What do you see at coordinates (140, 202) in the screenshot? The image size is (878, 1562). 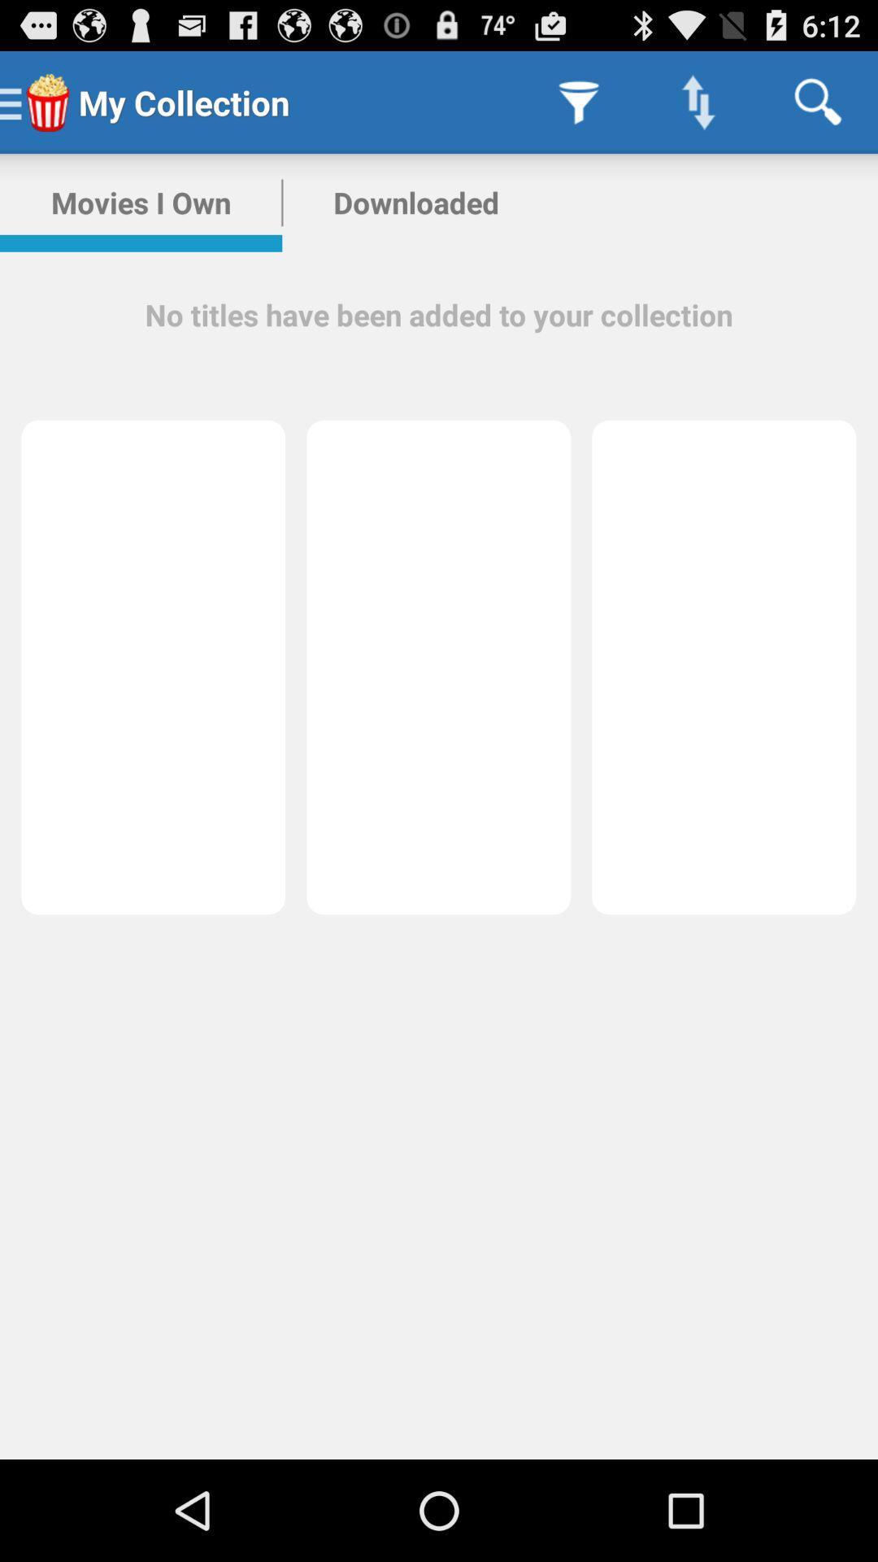 I see `the movies i own app` at bounding box center [140, 202].